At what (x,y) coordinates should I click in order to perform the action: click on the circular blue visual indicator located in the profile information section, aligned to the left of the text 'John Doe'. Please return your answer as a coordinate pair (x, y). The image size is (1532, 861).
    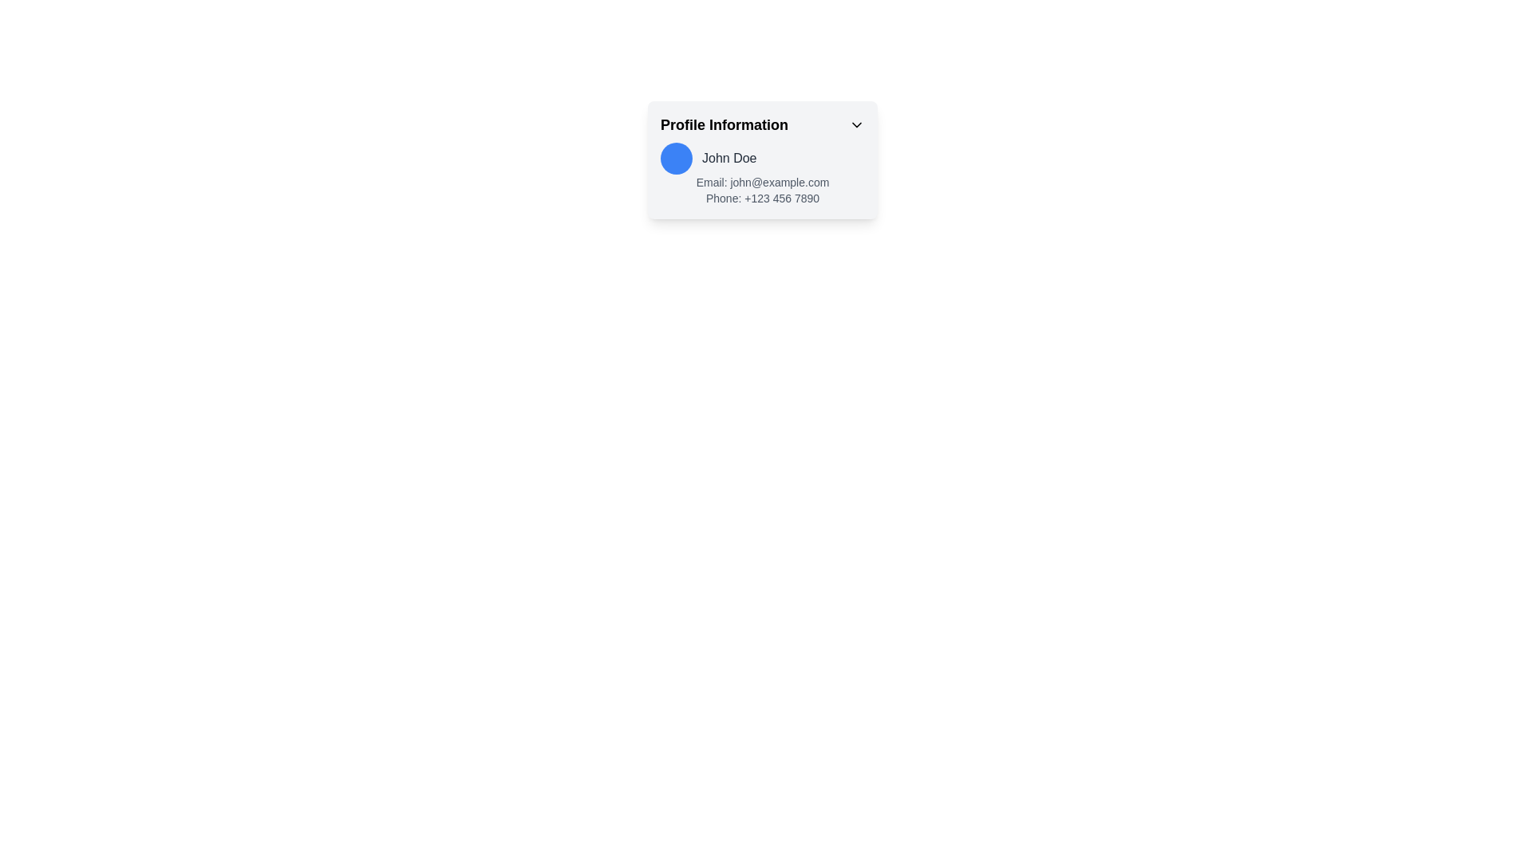
    Looking at the image, I should click on (677, 159).